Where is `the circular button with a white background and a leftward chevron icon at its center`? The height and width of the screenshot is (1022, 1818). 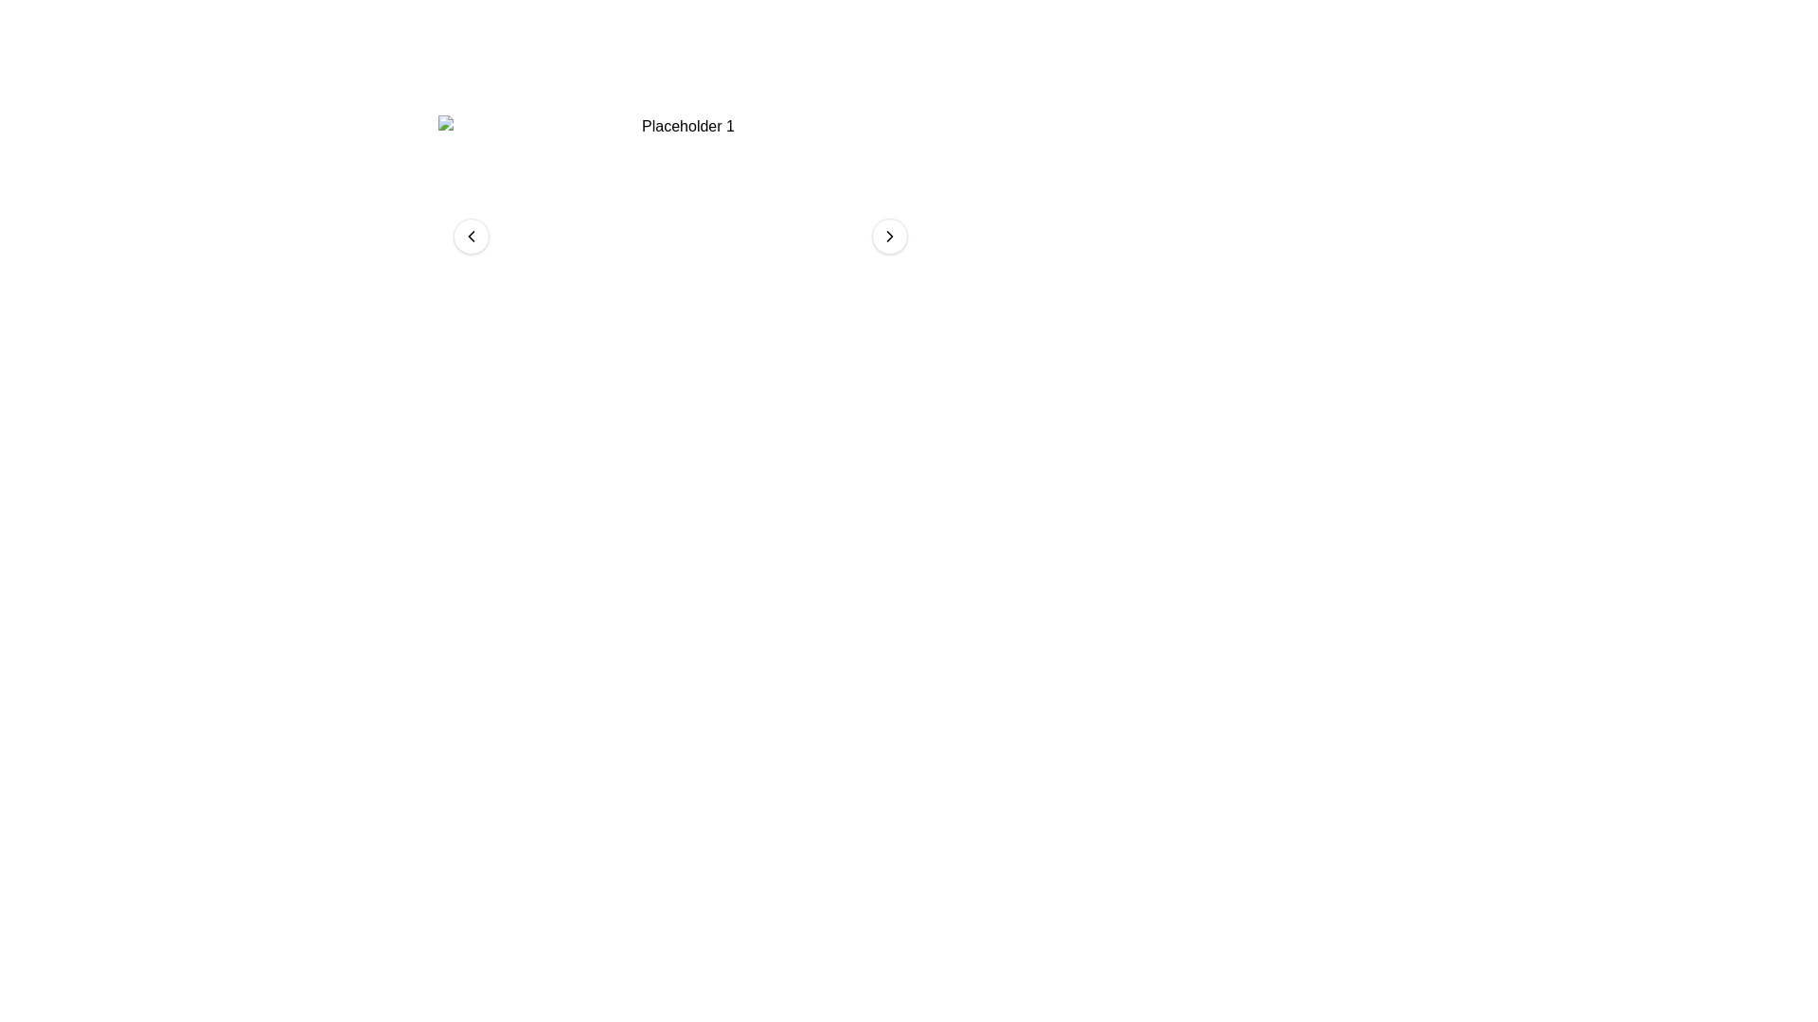 the circular button with a white background and a leftward chevron icon at its center is located at coordinates (472, 236).